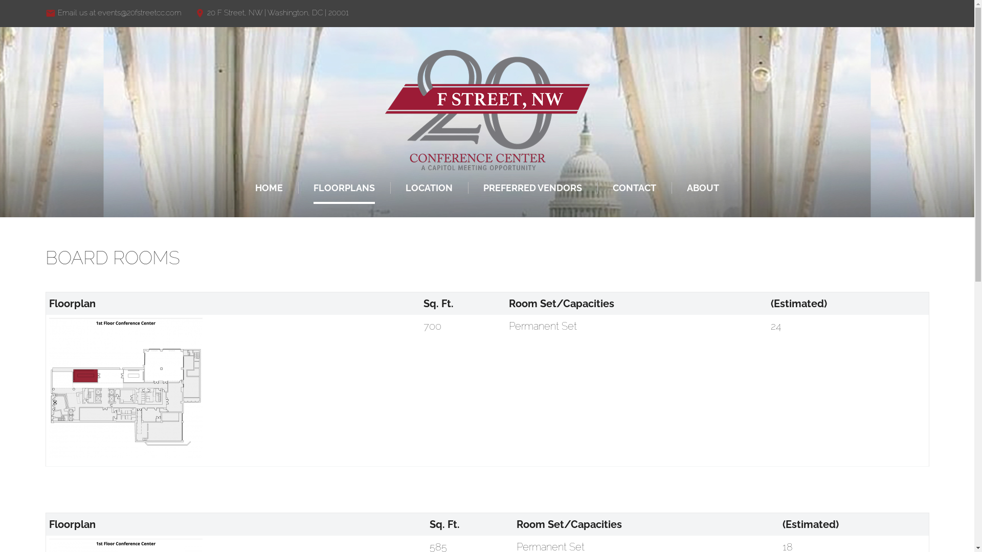 Image resolution: width=982 pixels, height=552 pixels. I want to click on 'LOCATION', so click(429, 188).